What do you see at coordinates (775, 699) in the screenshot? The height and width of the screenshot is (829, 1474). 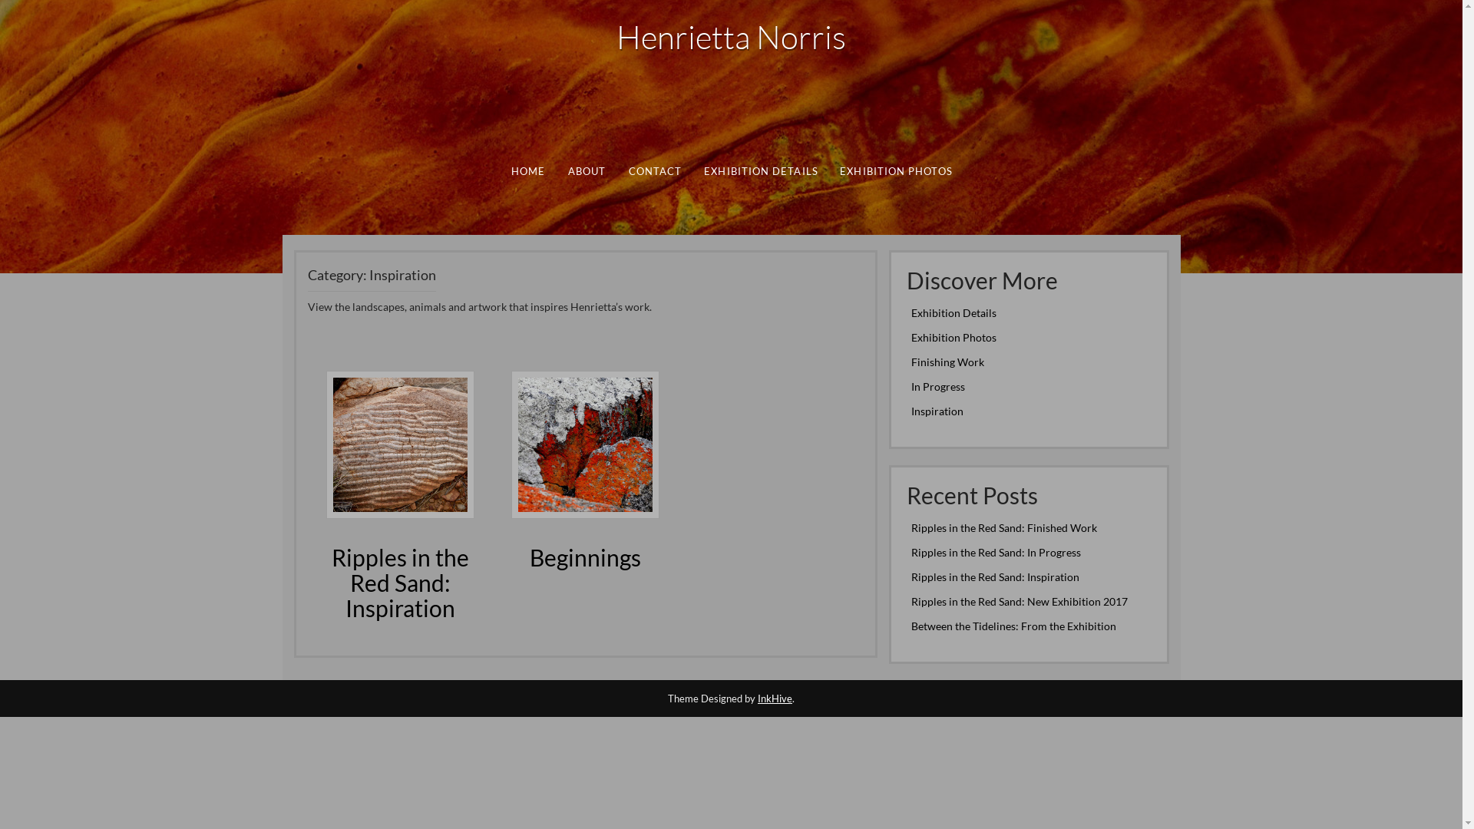 I see `'InkHive'` at bounding box center [775, 699].